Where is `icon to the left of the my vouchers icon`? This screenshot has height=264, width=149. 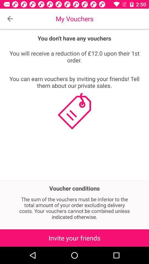
icon to the left of the my vouchers icon is located at coordinates (10, 19).